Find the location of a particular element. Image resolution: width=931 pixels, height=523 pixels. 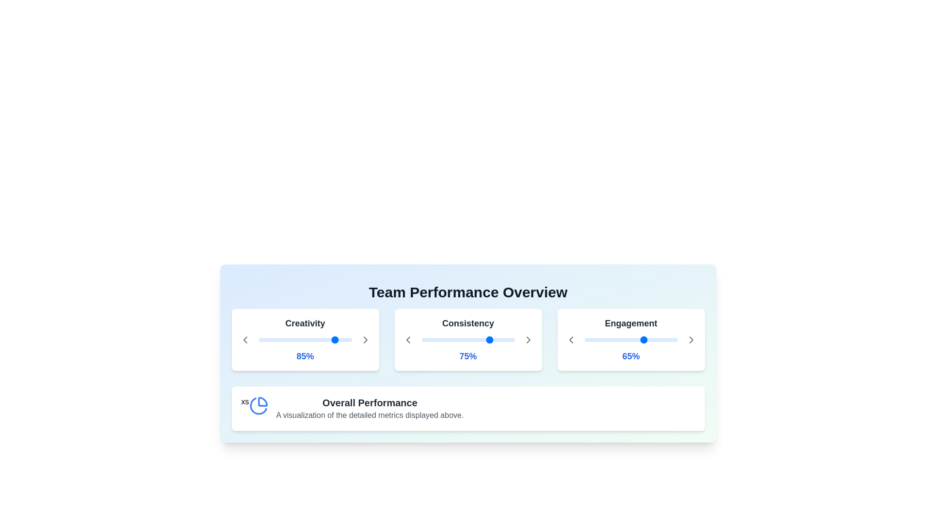

the Engagement slider is located at coordinates (651, 339).